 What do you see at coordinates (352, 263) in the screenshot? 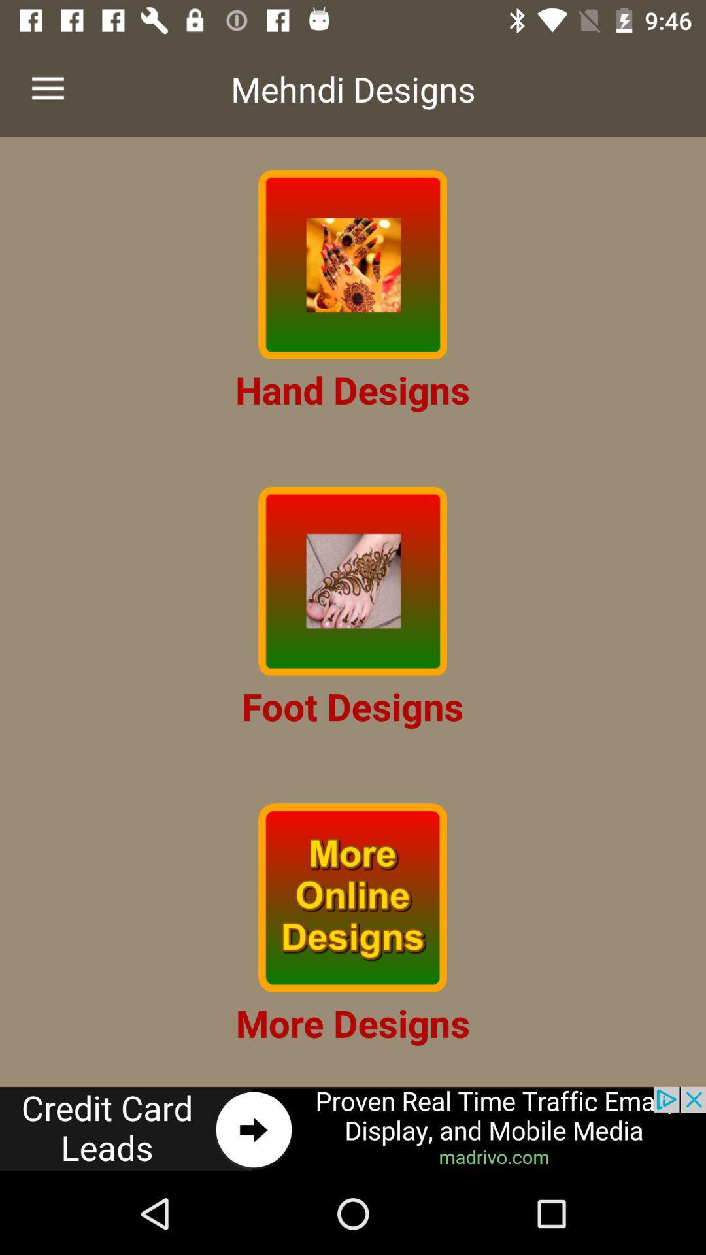
I see `hand designs` at bounding box center [352, 263].